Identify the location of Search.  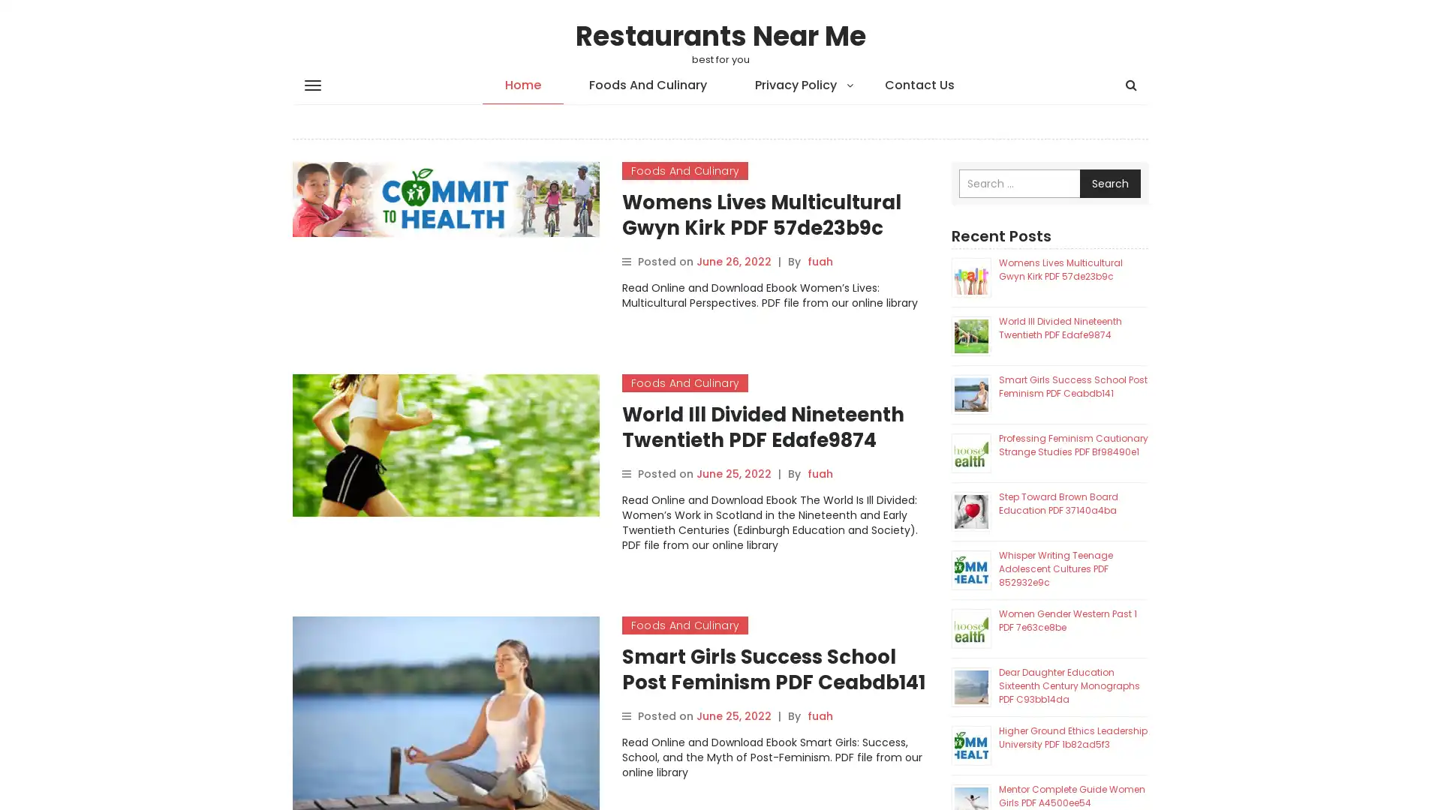
(1110, 183).